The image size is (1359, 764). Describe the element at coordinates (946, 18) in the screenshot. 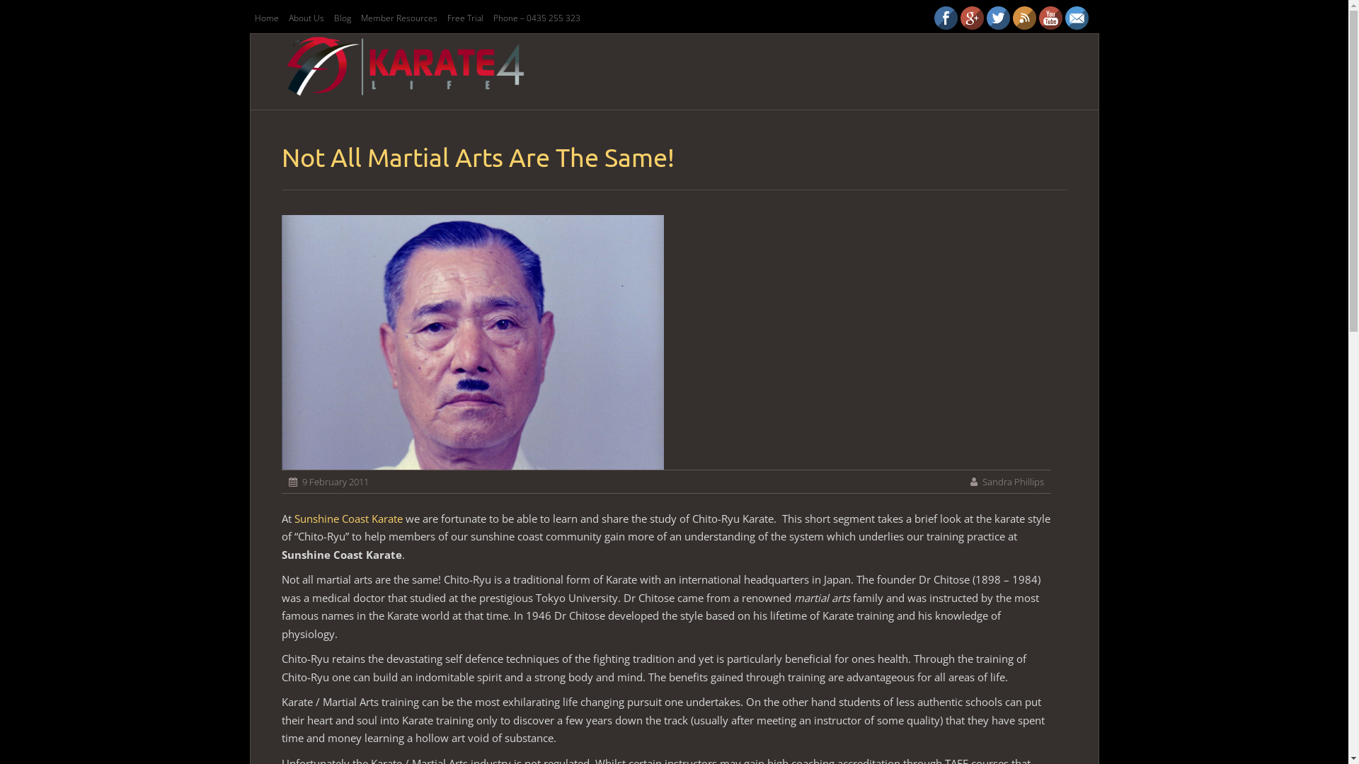

I see `'Facebook'` at that location.